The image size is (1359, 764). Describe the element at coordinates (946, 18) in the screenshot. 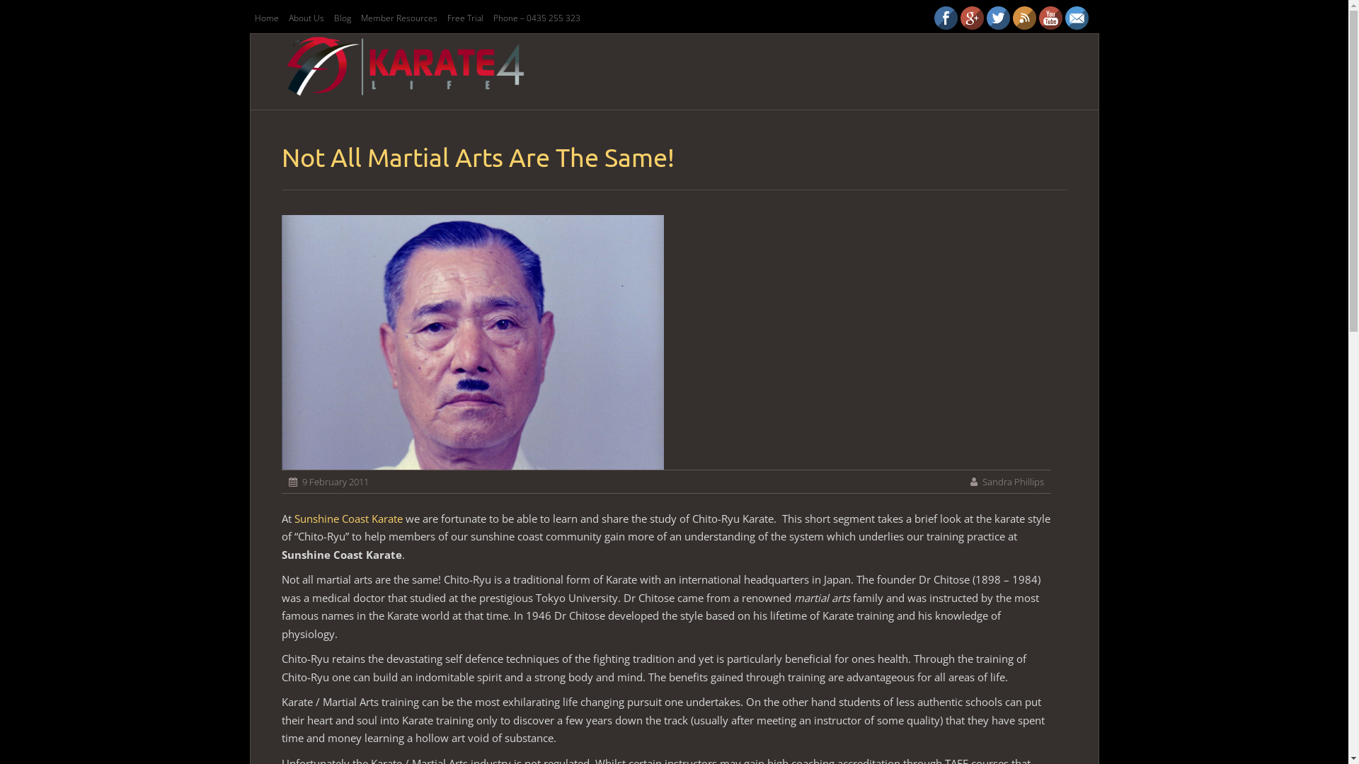

I see `'Facebook'` at that location.